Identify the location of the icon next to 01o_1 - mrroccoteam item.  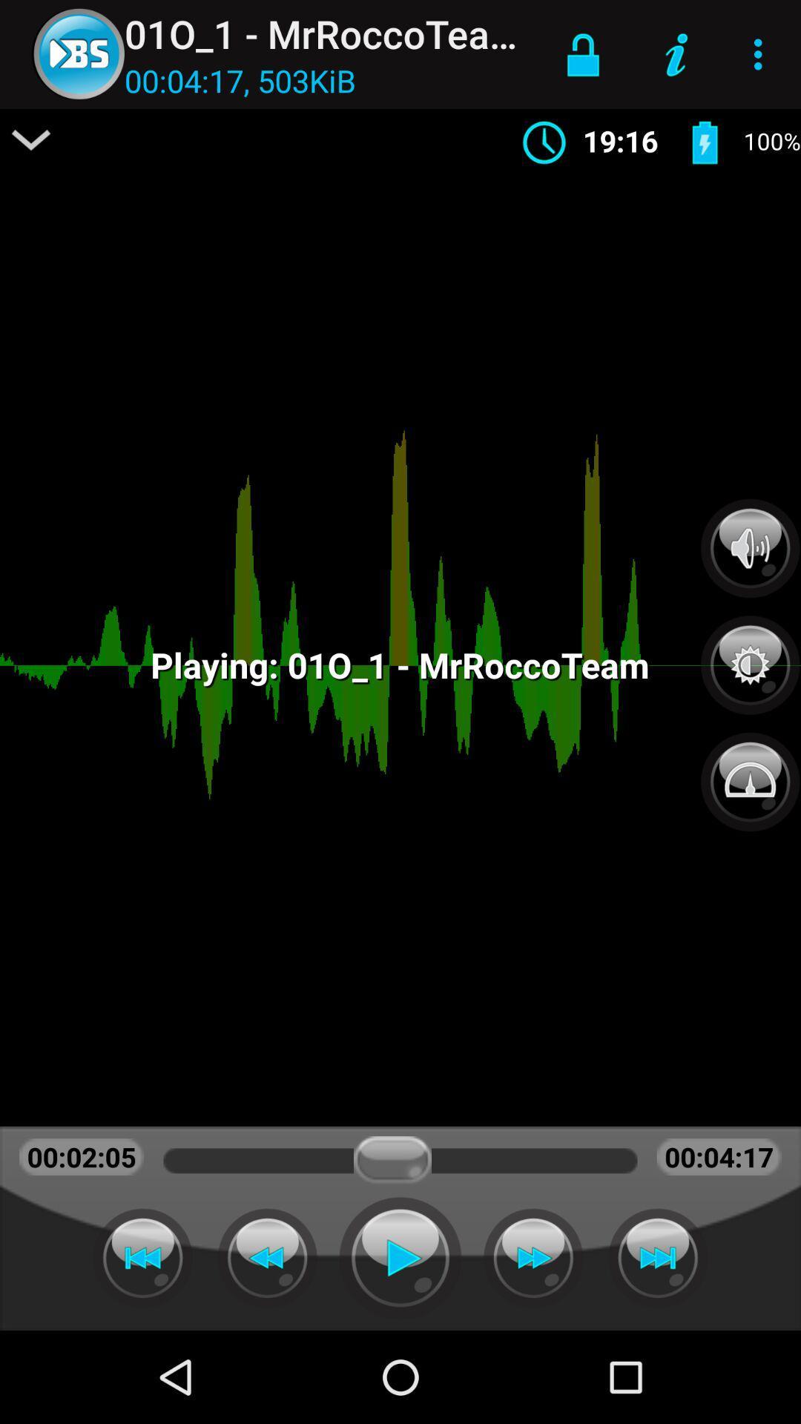
(582, 54).